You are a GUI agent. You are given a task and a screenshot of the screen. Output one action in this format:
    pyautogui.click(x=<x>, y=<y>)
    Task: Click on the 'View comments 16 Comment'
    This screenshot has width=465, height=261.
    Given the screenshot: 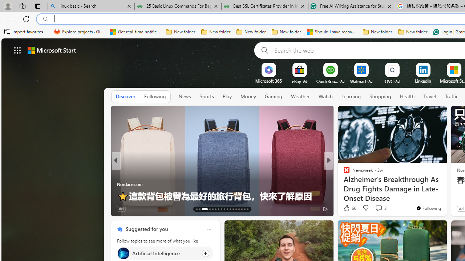 What is the action you would take?
    pyautogui.click(x=381, y=208)
    